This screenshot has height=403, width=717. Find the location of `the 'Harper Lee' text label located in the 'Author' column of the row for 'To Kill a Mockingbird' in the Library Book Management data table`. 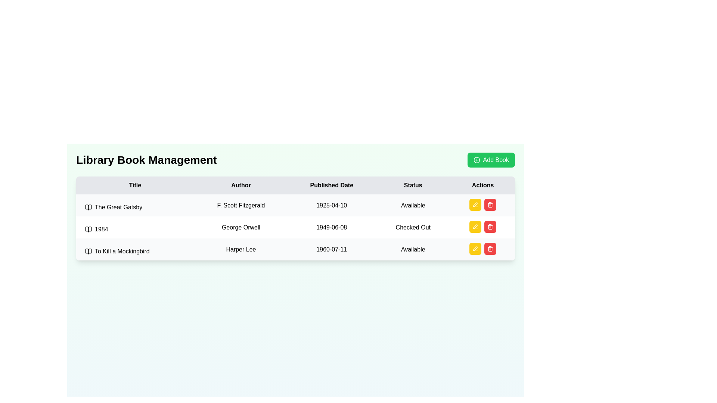

the 'Harper Lee' text label located in the 'Author' column of the row for 'To Kill a Mockingbird' in the Library Book Management data table is located at coordinates (241, 249).